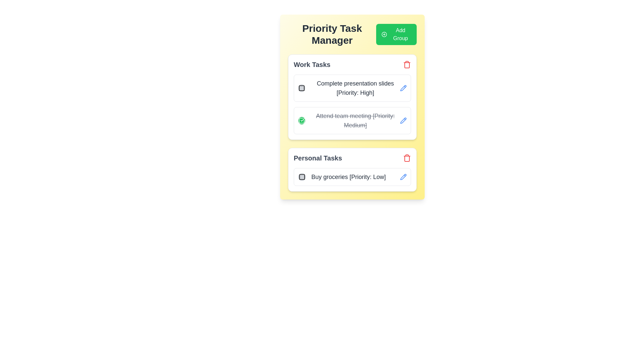 The width and height of the screenshot is (638, 358). I want to click on the checkbox styled as a circular button with a checkmark icon to mark the task 'Attend team meeting [Priority: Medium]' as completed, so click(301, 120).